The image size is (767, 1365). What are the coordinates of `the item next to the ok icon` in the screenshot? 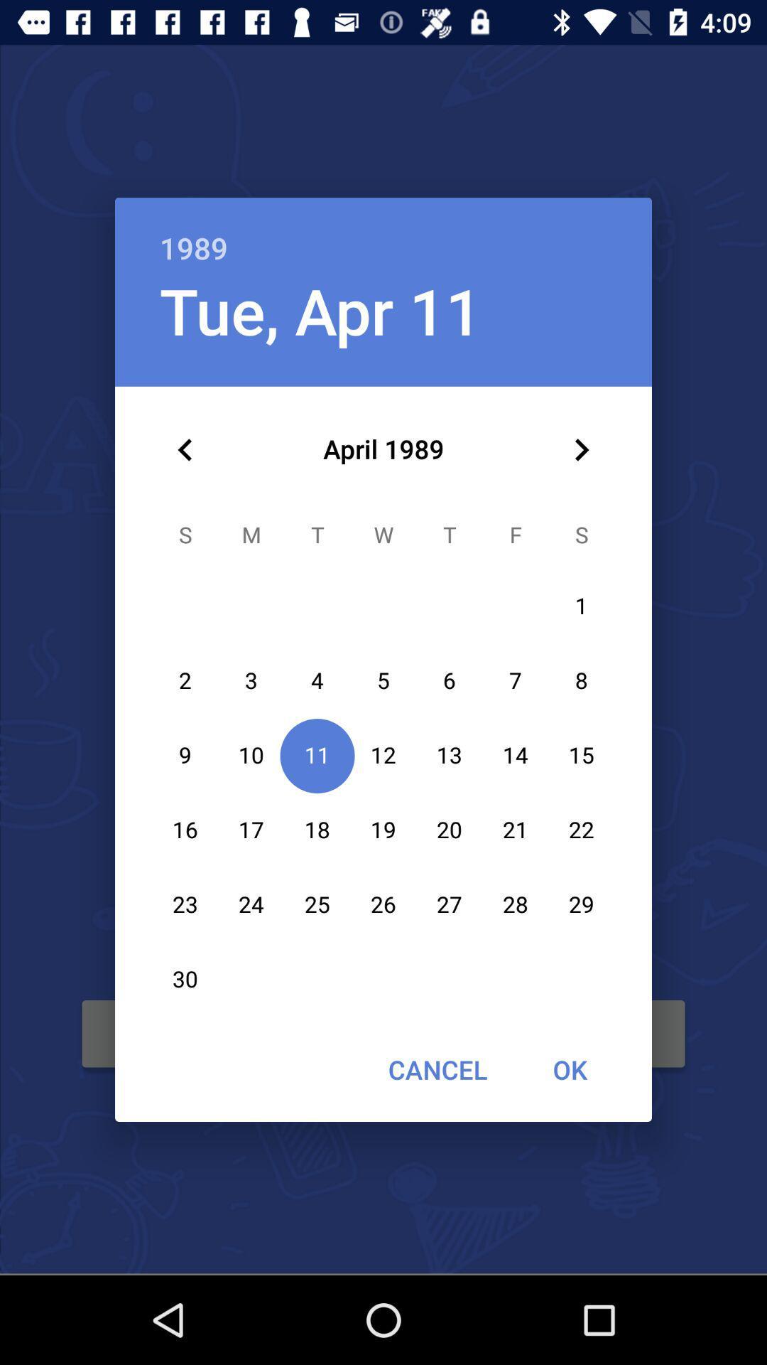 It's located at (437, 1069).